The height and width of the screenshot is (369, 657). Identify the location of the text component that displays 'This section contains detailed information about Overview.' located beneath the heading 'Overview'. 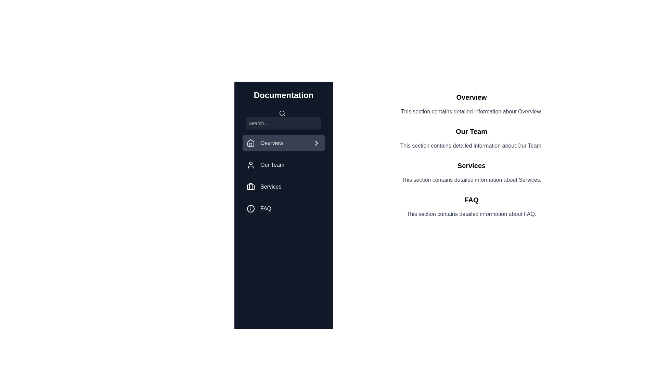
(471, 111).